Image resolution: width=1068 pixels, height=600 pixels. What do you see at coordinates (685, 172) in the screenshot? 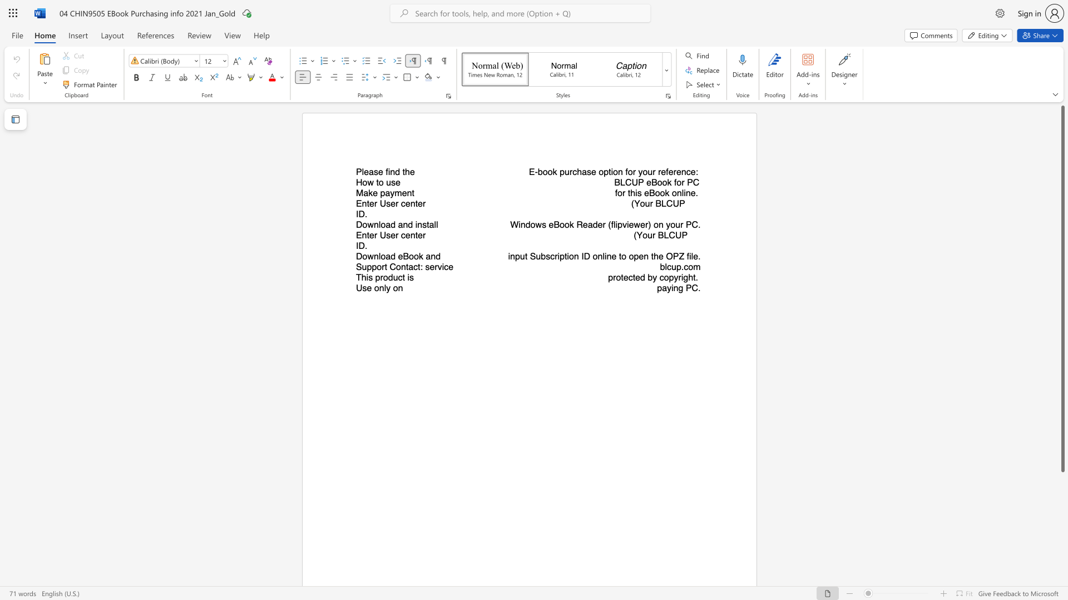
I see `the subset text "ce:" within the text "E-book purchase option for your reference:"` at bounding box center [685, 172].